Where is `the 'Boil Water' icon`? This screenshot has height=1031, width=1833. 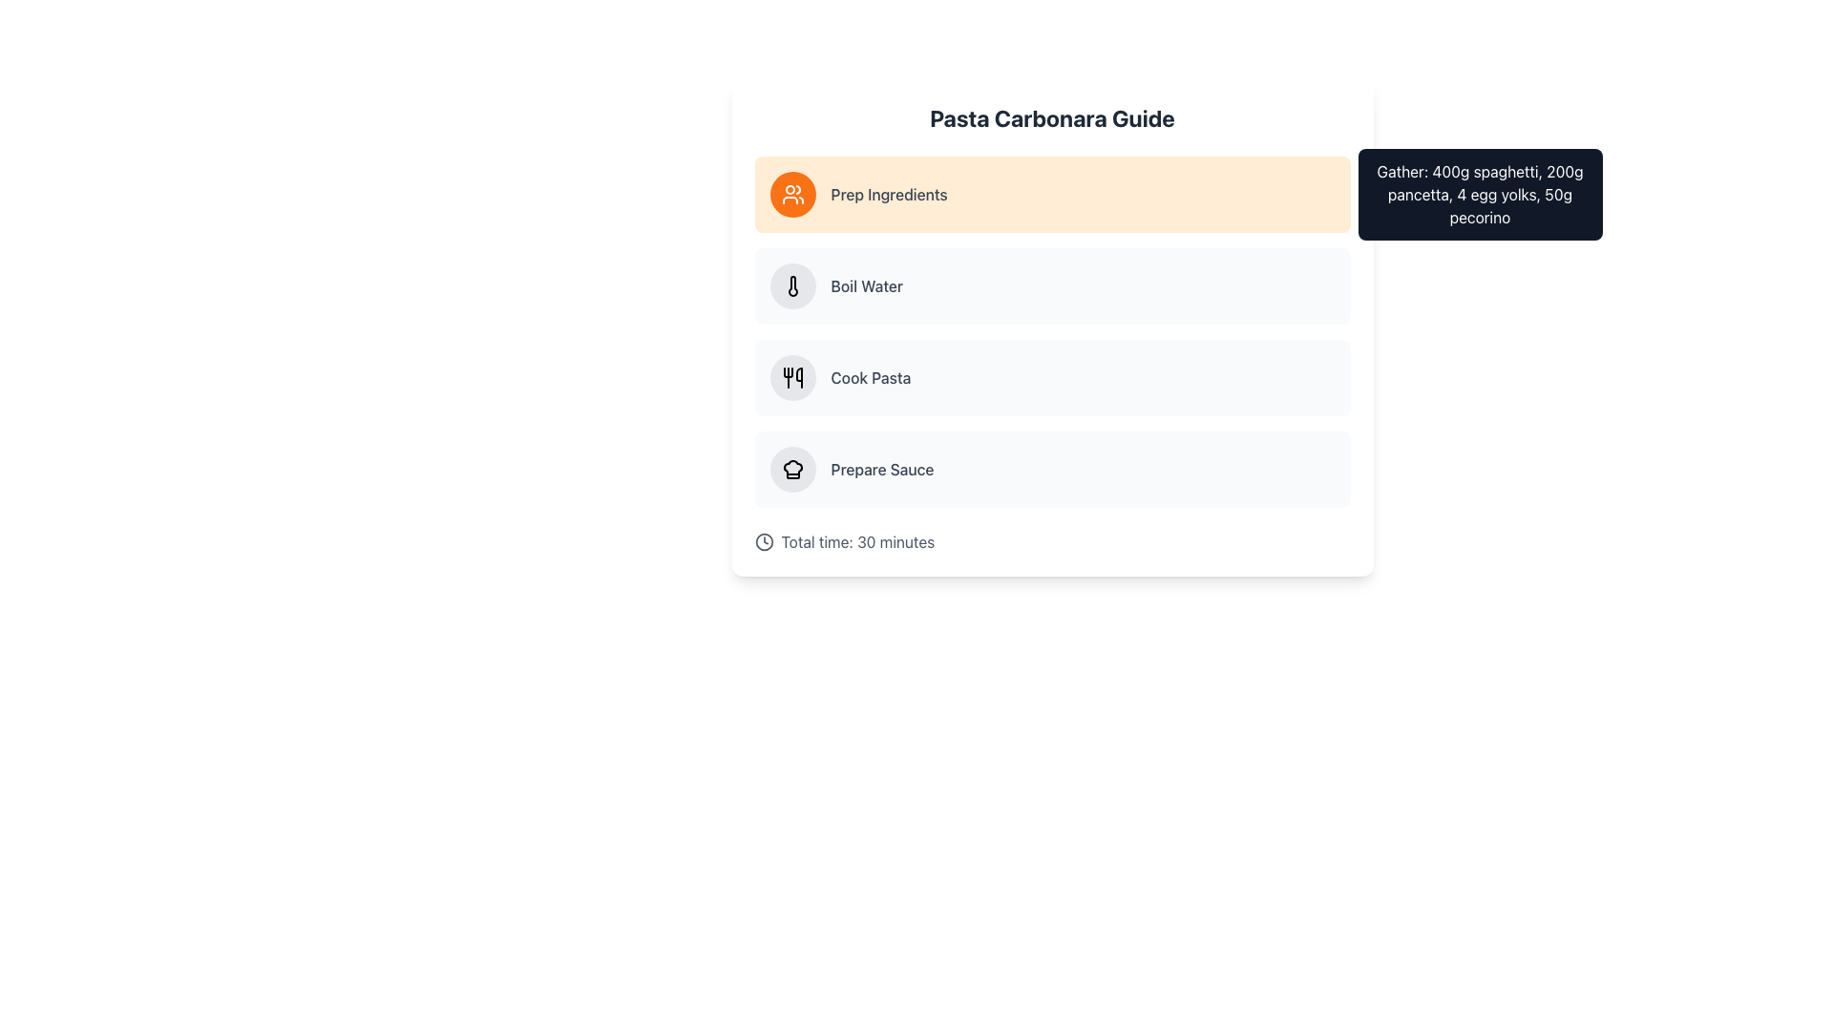
the 'Boil Water' icon is located at coordinates (792, 286).